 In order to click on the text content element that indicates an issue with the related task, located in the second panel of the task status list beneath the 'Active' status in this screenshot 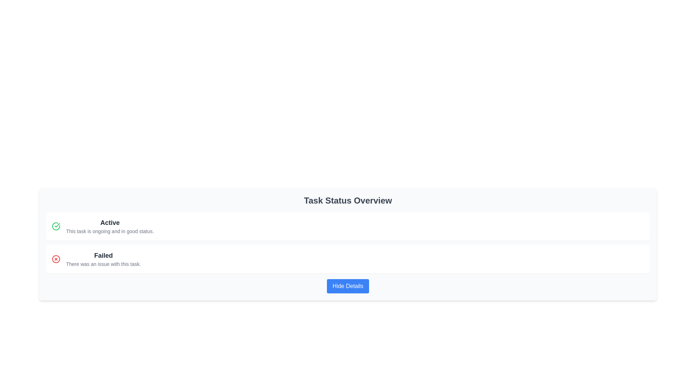, I will do `click(103, 259)`.